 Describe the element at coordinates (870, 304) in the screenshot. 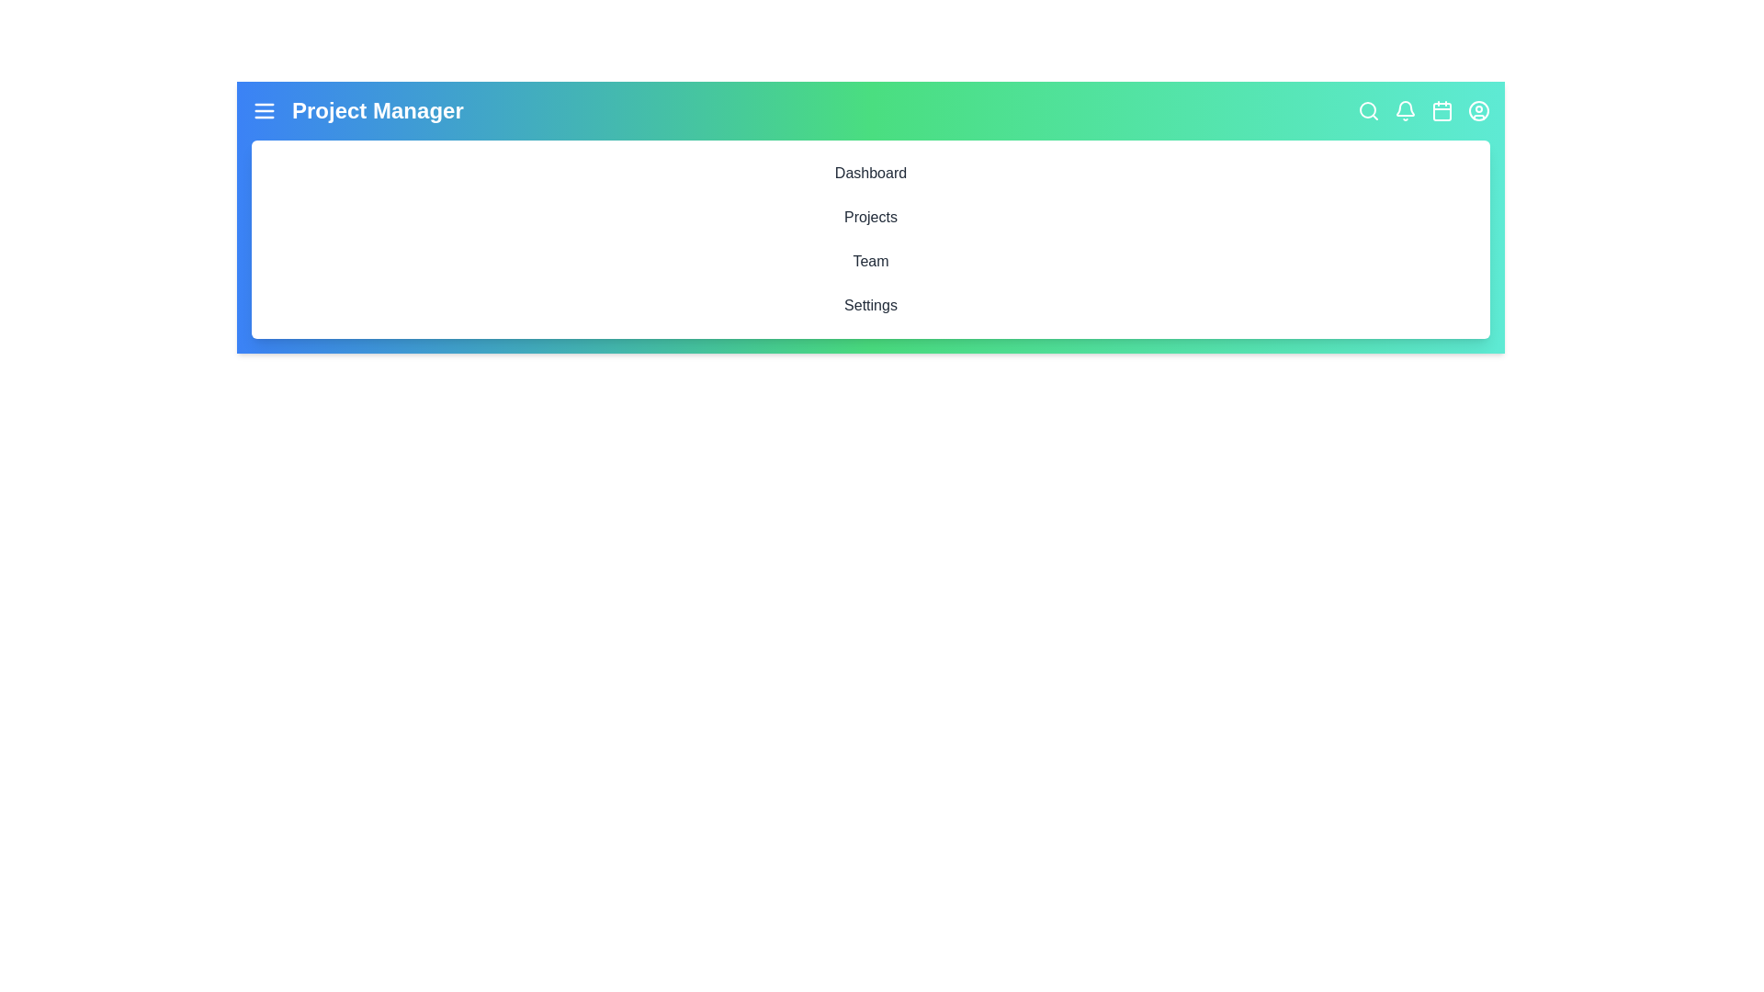

I see `the text element Settings in the AppBar` at that location.